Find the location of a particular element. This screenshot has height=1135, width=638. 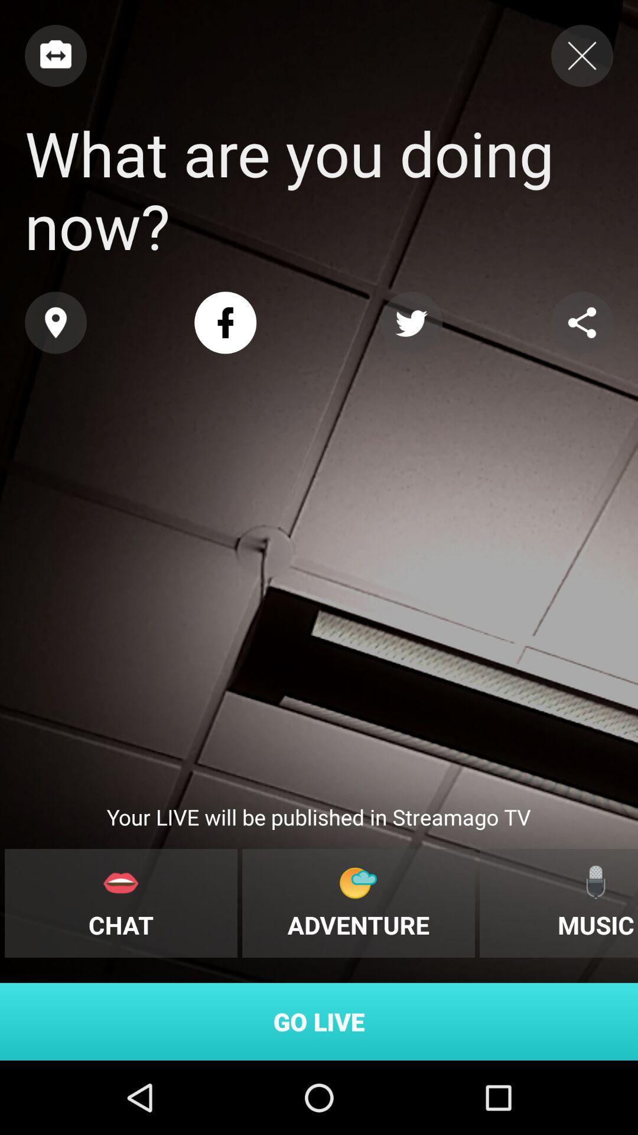

screen is located at coordinates (581, 55).